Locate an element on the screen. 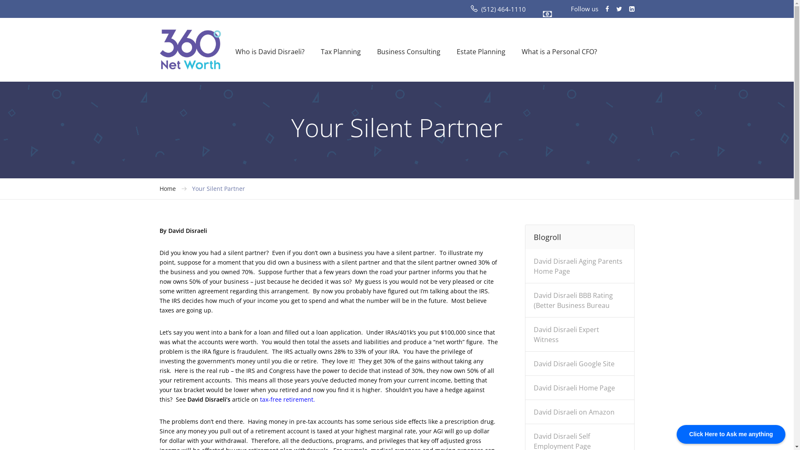 This screenshot has height=450, width=800. 'David Disraeli on Amazon' is located at coordinates (573, 415).